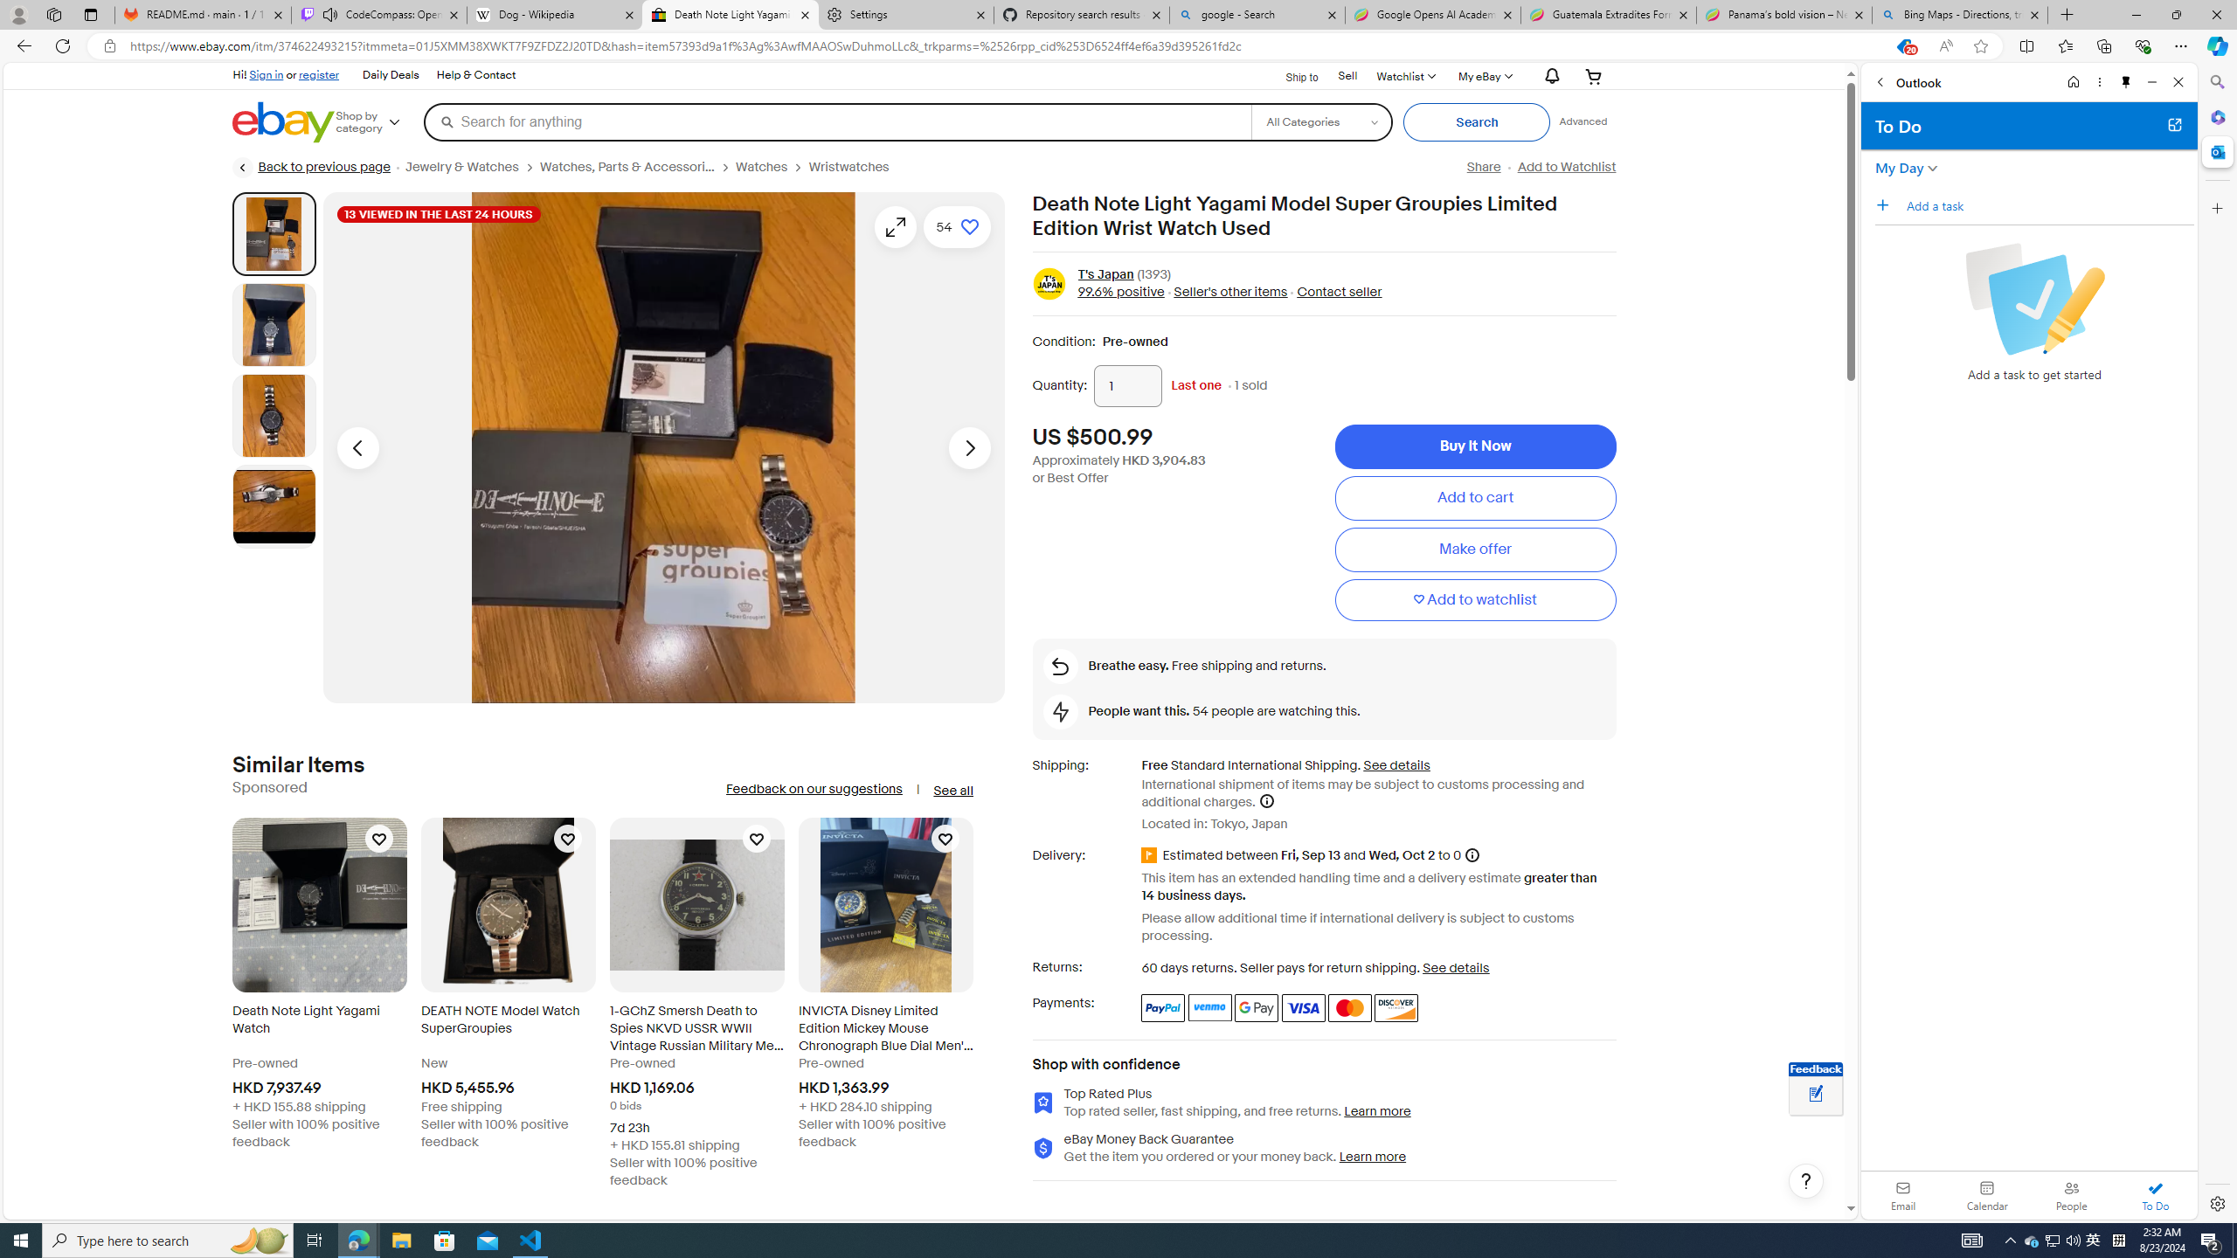  Describe the element at coordinates (357, 447) in the screenshot. I see `'Previous image - Item images thumbnails'` at that location.